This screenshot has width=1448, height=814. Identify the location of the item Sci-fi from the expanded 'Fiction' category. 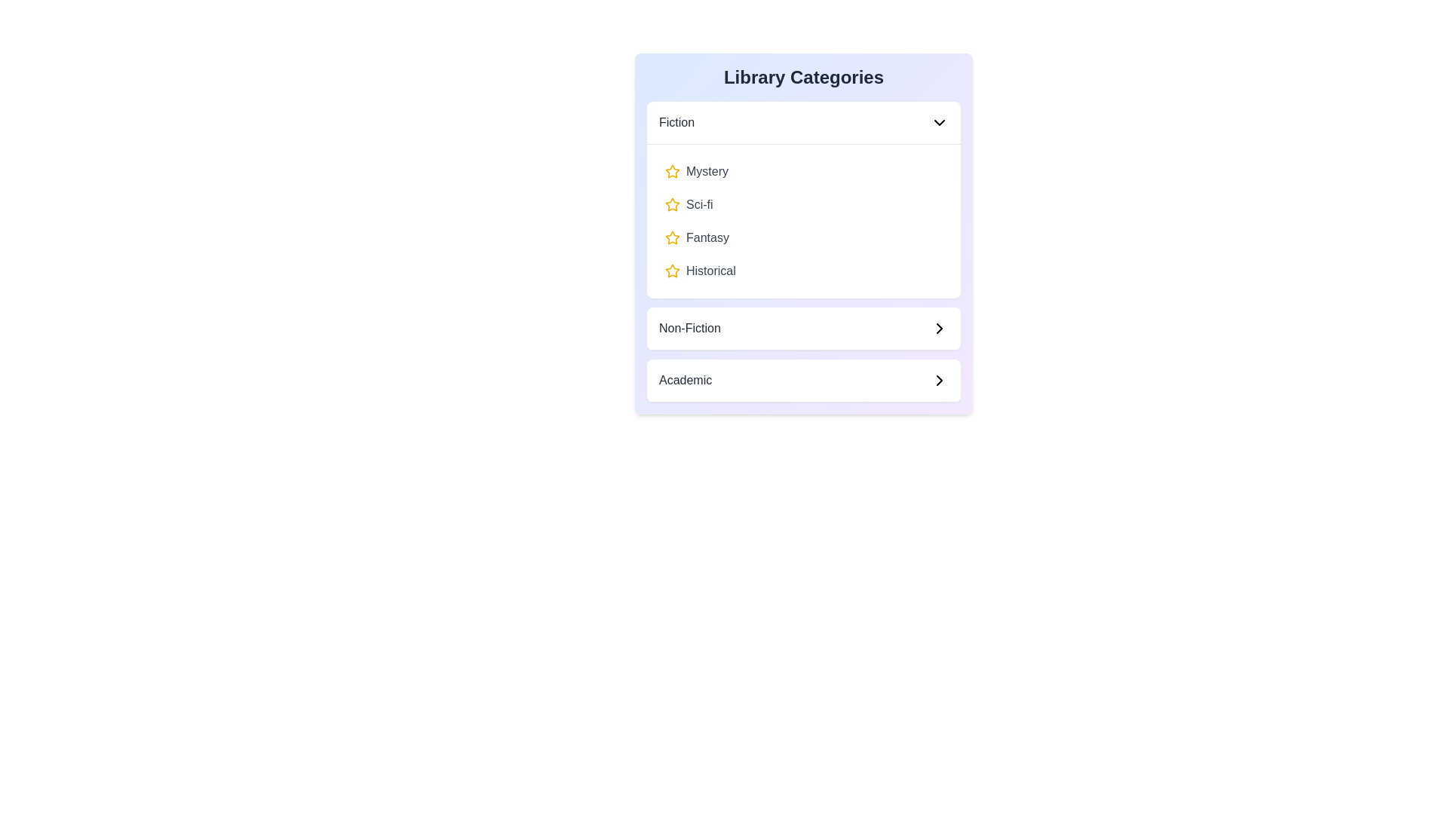
(802, 205).